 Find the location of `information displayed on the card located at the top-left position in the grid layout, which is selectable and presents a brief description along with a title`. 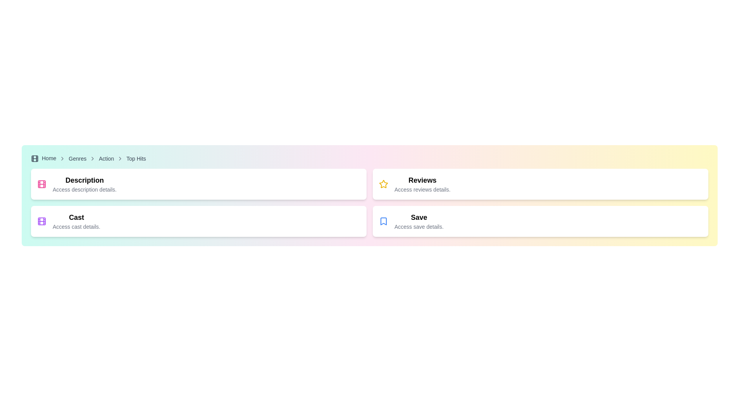

information displayed on the card located at the top-left position in the grid layout, which is selectable and presents a brief description along with a title is located at coordinates (199, 184).